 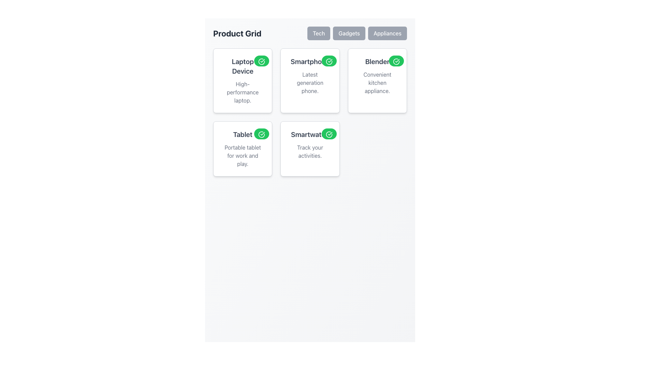 What do you see at coordinates (396, 61) in the screenshot?
I see `the confirmation status visually` at bounding box center [396, 61].